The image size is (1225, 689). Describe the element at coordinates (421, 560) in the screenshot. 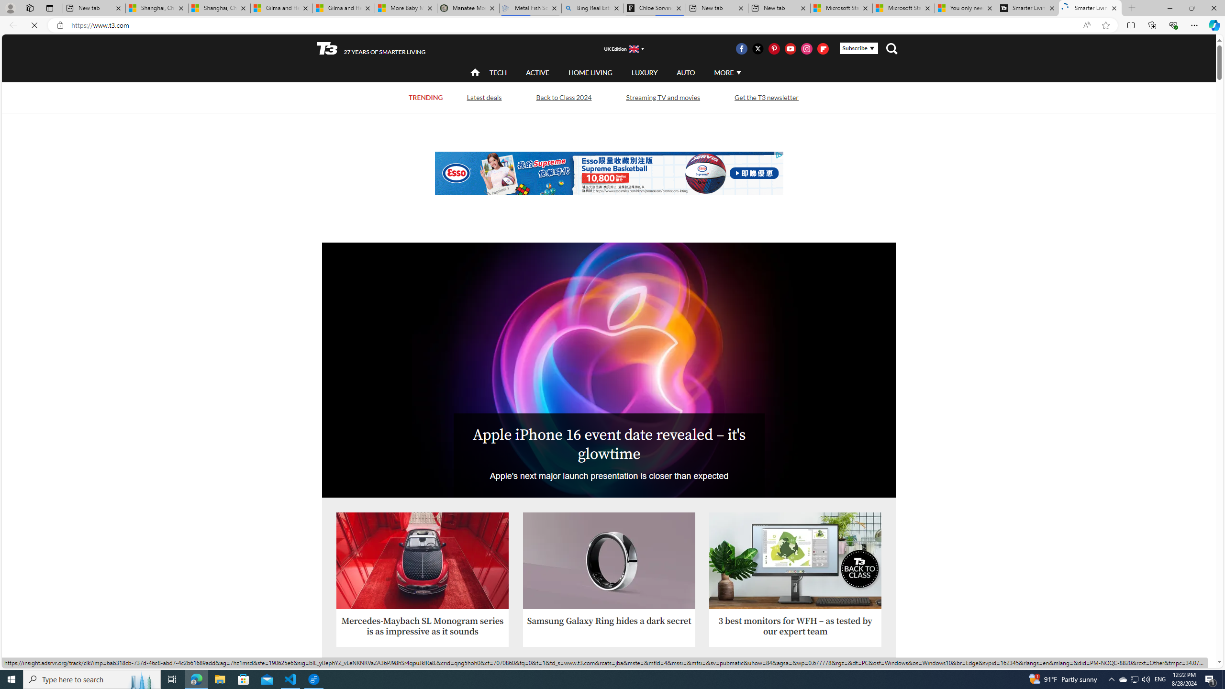

I see `'Mercedes-Maybach SL Monogram Series'` at that location.